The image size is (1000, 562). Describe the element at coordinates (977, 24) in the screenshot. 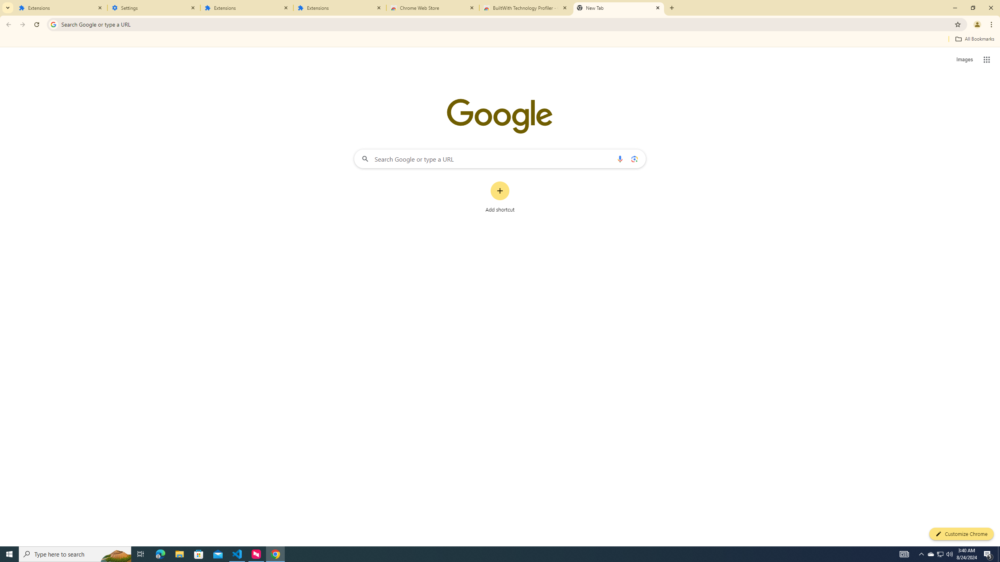

I see `'You'` at that location.